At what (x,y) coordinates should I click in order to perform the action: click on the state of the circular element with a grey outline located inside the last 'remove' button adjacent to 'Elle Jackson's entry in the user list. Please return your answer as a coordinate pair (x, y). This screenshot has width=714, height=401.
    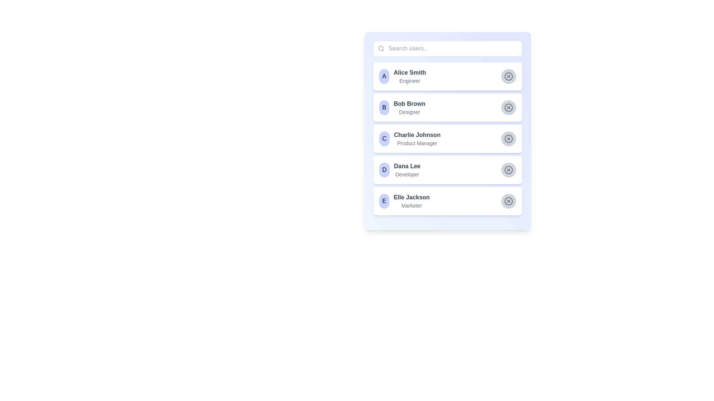
    Looking at the image, I should click on (508, 201).